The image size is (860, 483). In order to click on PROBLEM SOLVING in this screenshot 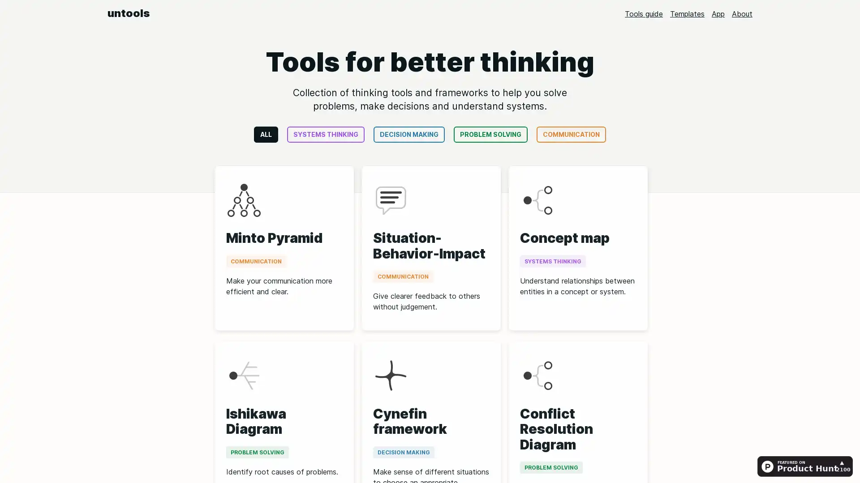, I will do `click(490, 134)`.